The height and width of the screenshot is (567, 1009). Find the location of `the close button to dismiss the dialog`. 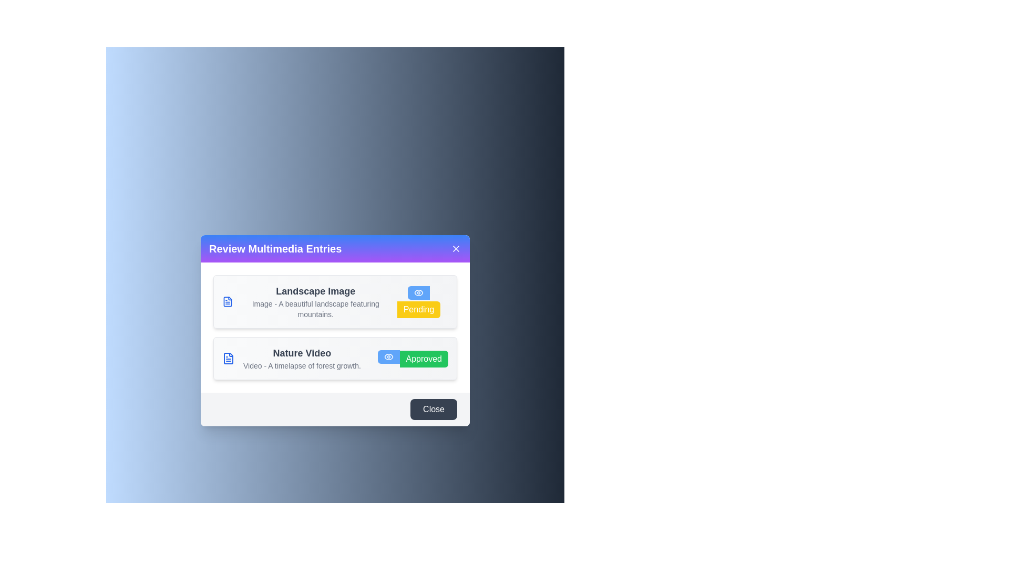

the close button to dismiss the dialog is located at coordinates (456, 249).